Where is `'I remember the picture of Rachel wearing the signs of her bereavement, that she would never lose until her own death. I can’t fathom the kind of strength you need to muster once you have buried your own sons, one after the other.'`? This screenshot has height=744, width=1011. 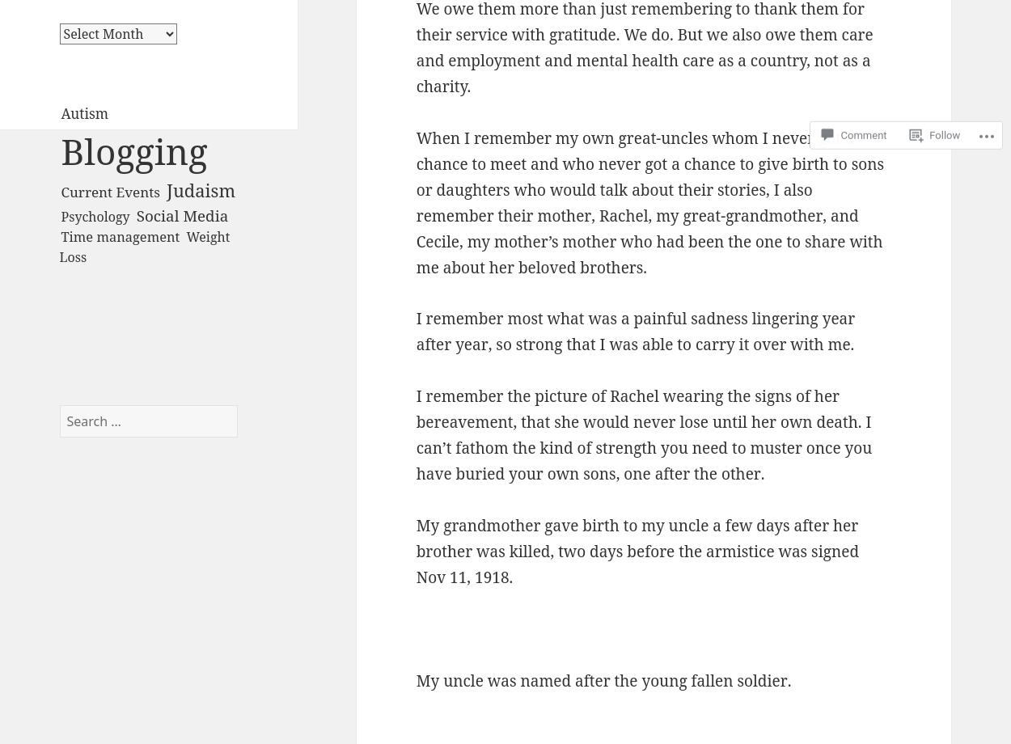 'I remember the picture of Rachel wearing the signs of her bereavement, that she would never lose until her own death. I can’t fathom the kind of strength you need to muster once you have buried your own sons, one after the other.' is located at coordinates (644, 435).